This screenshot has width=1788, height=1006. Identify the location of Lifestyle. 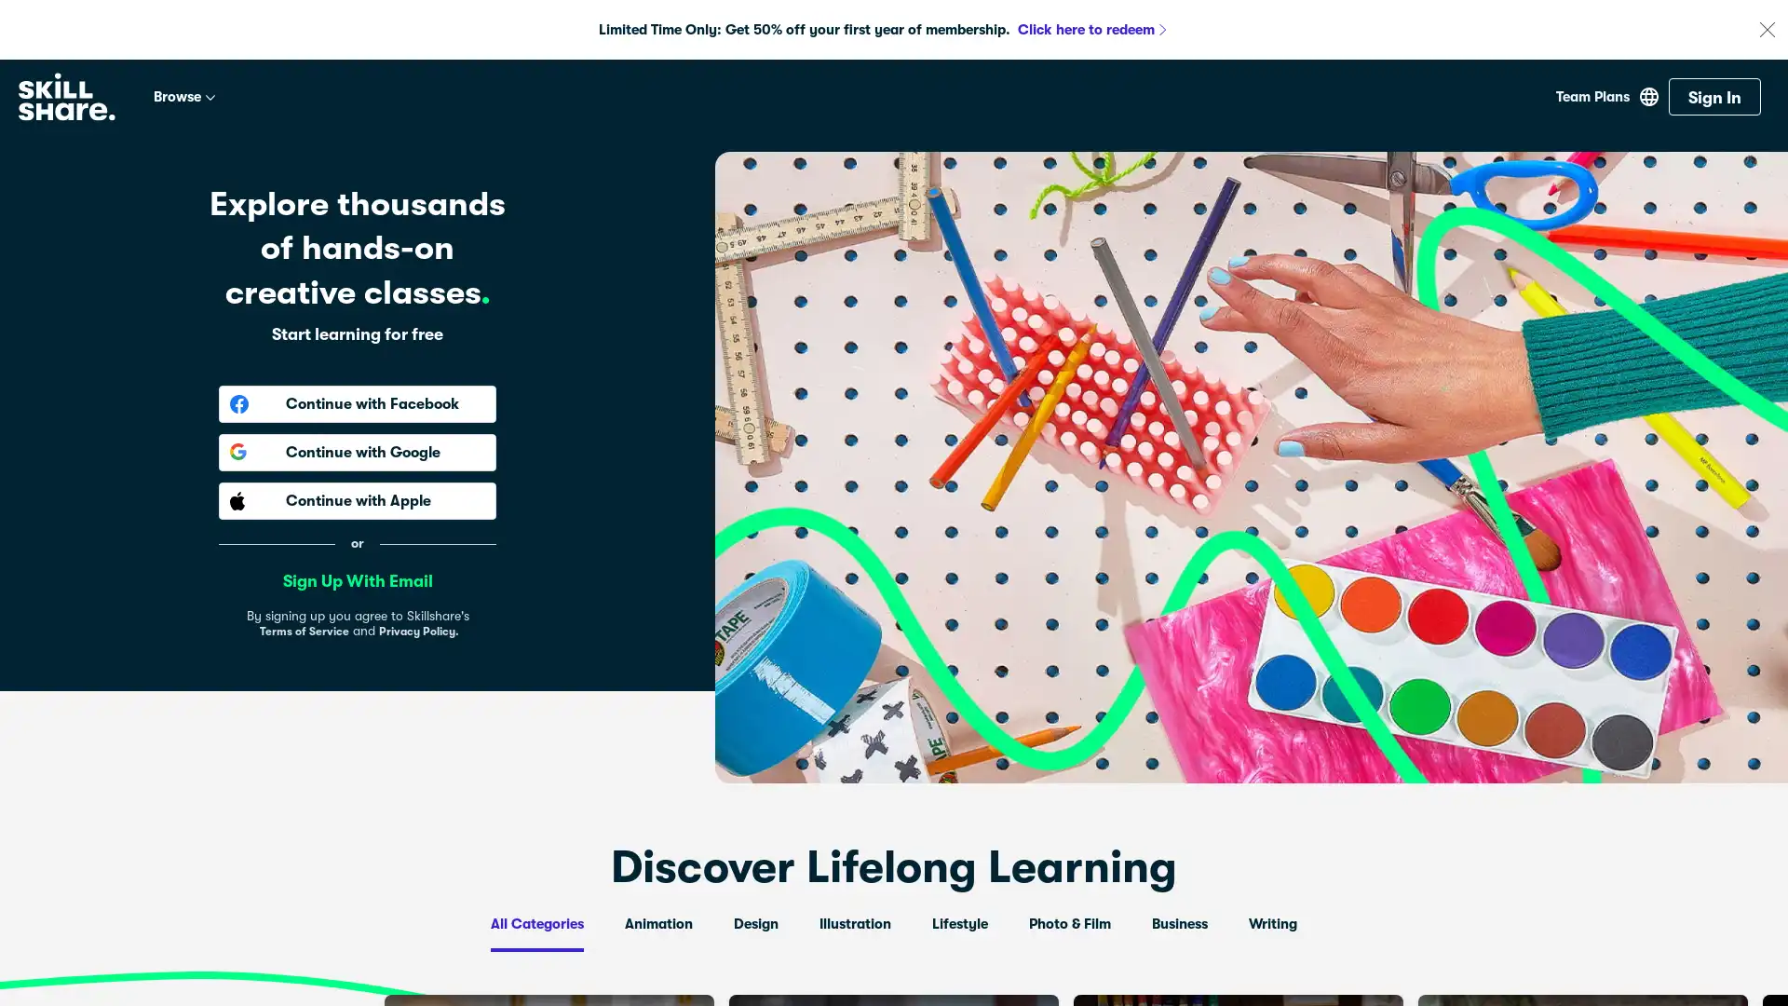
(960, 930).